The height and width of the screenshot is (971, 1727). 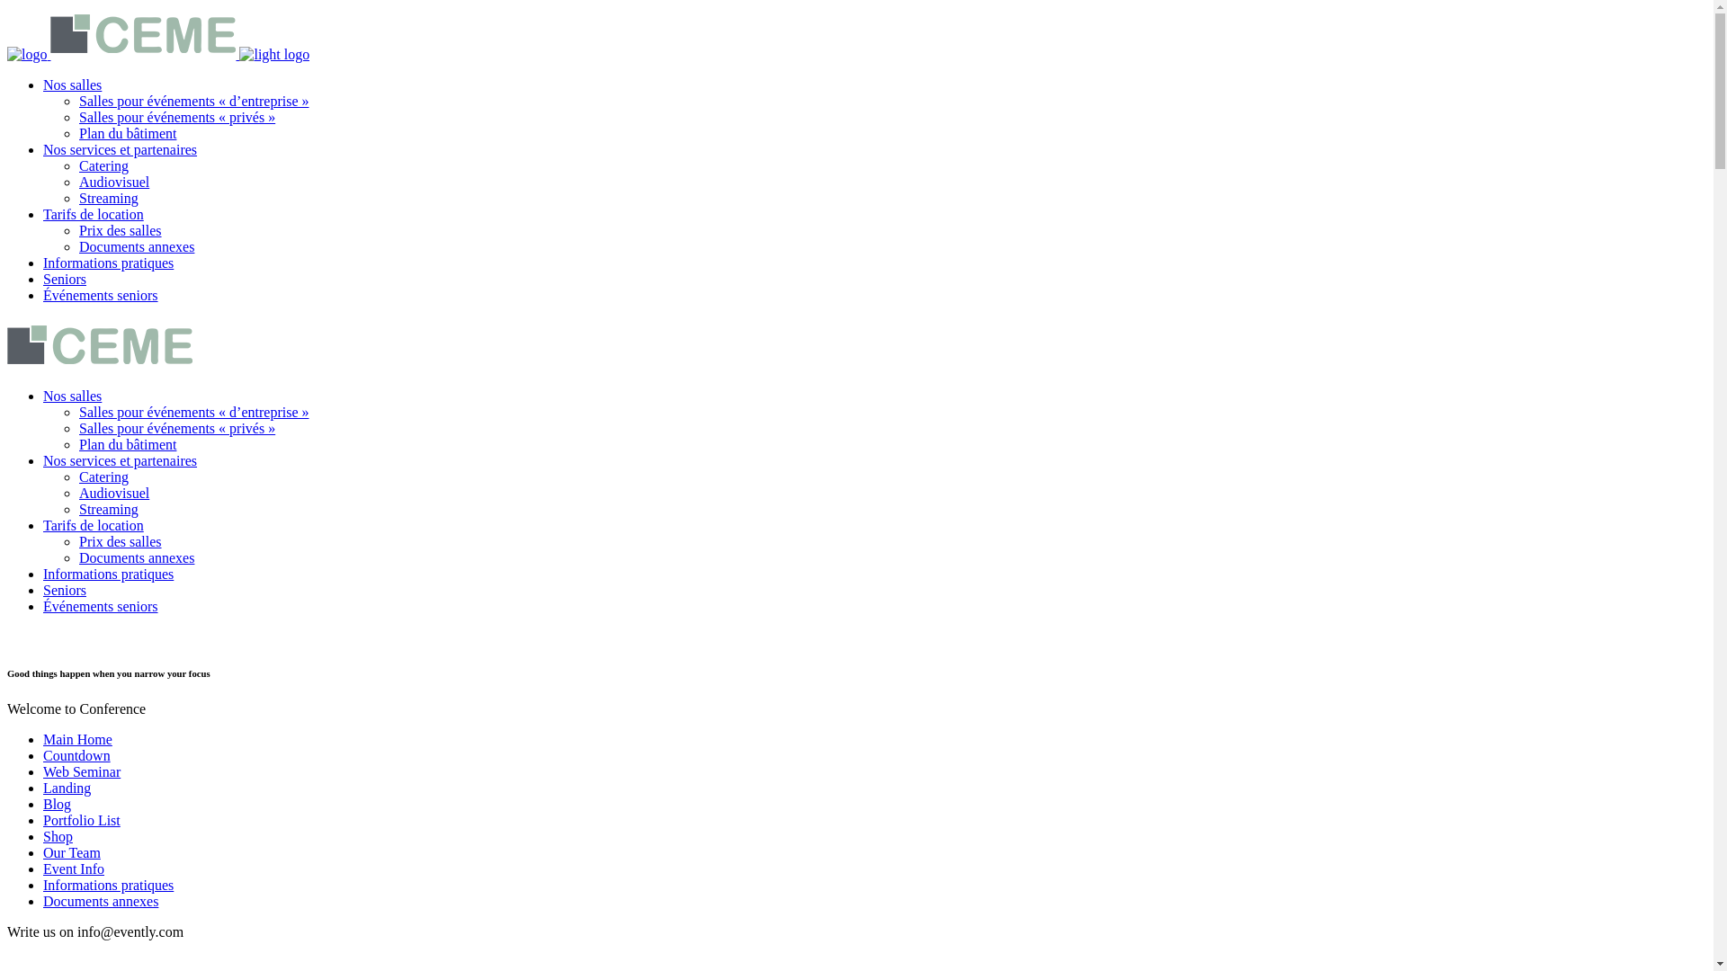 I want to click on 'Seniors', so click(x=65, y=590).